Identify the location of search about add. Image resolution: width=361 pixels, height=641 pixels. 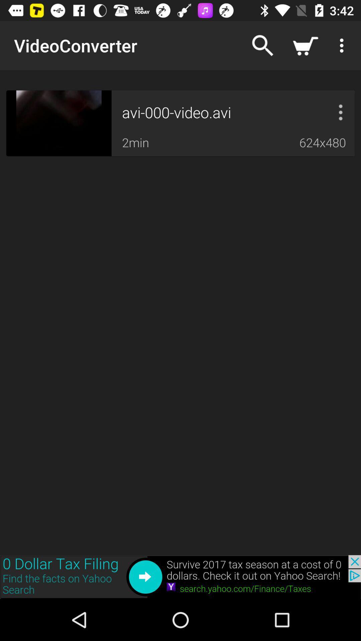
(180, 577).